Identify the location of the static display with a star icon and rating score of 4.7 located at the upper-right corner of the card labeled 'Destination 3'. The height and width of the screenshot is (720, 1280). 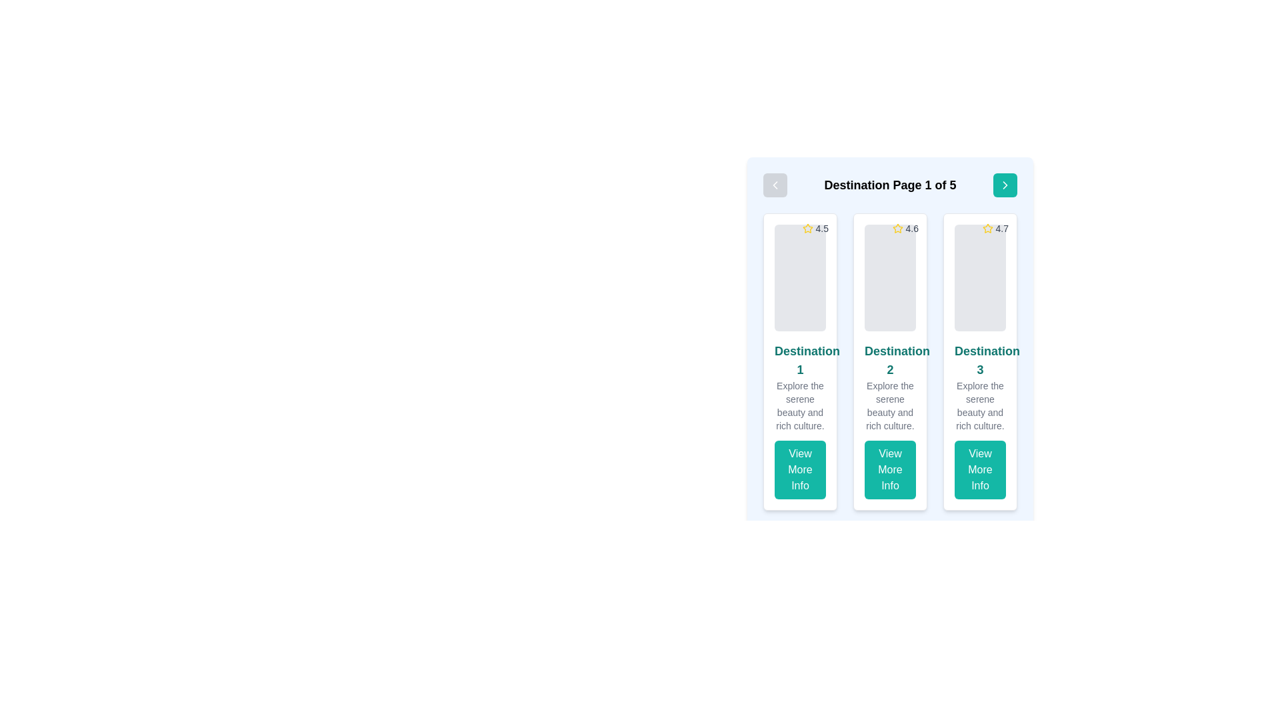
(995, 228).